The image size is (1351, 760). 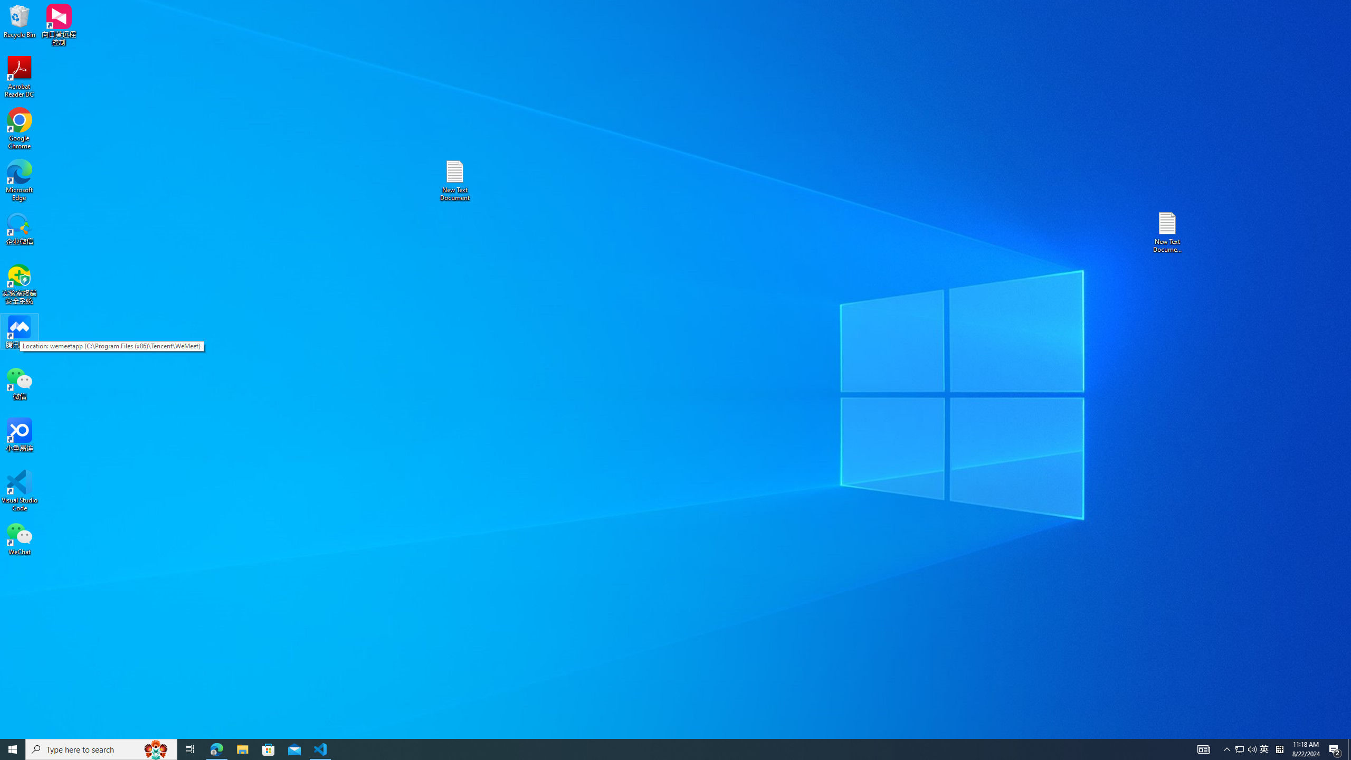 I want to click on 'Notification Chevron', so click(x=1226, y=748).